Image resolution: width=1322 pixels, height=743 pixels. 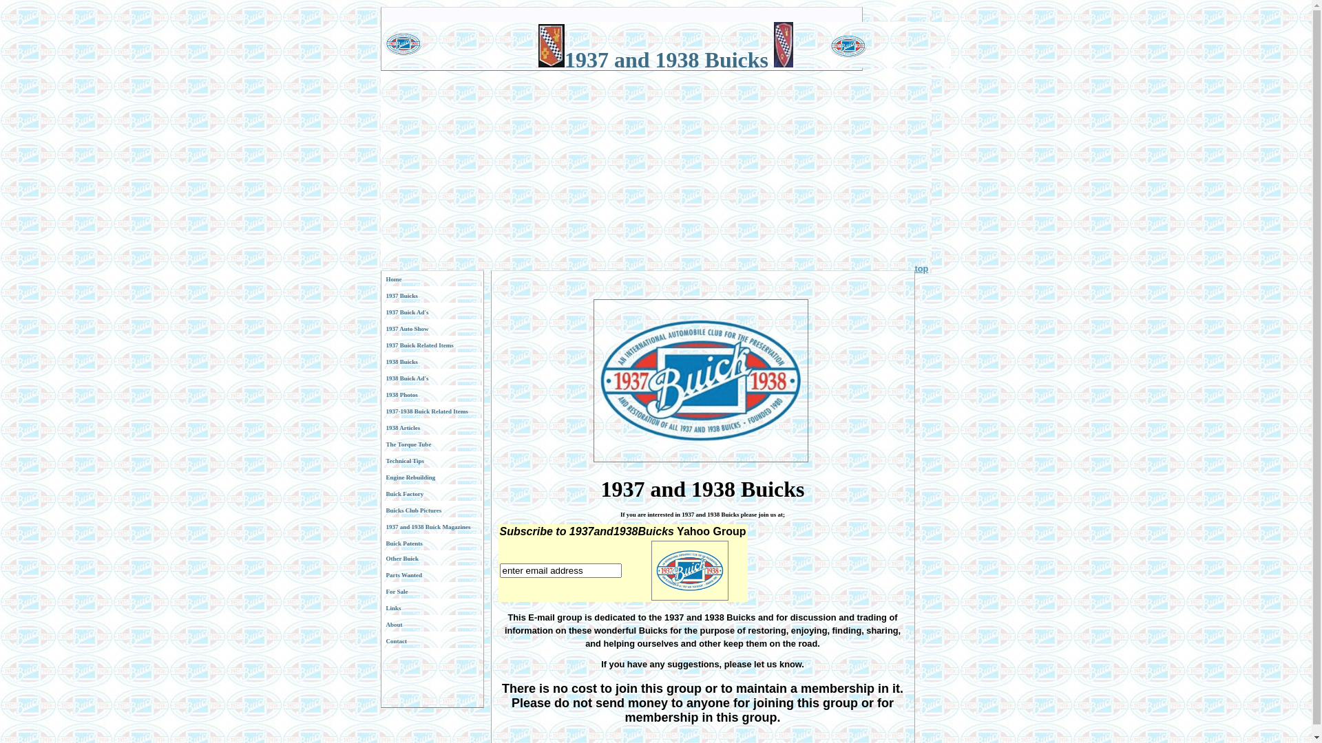 What do you see at coordinates (431, 559) in the screenshot?
I see `'Other Buick'` at bounding box center [431, 559].